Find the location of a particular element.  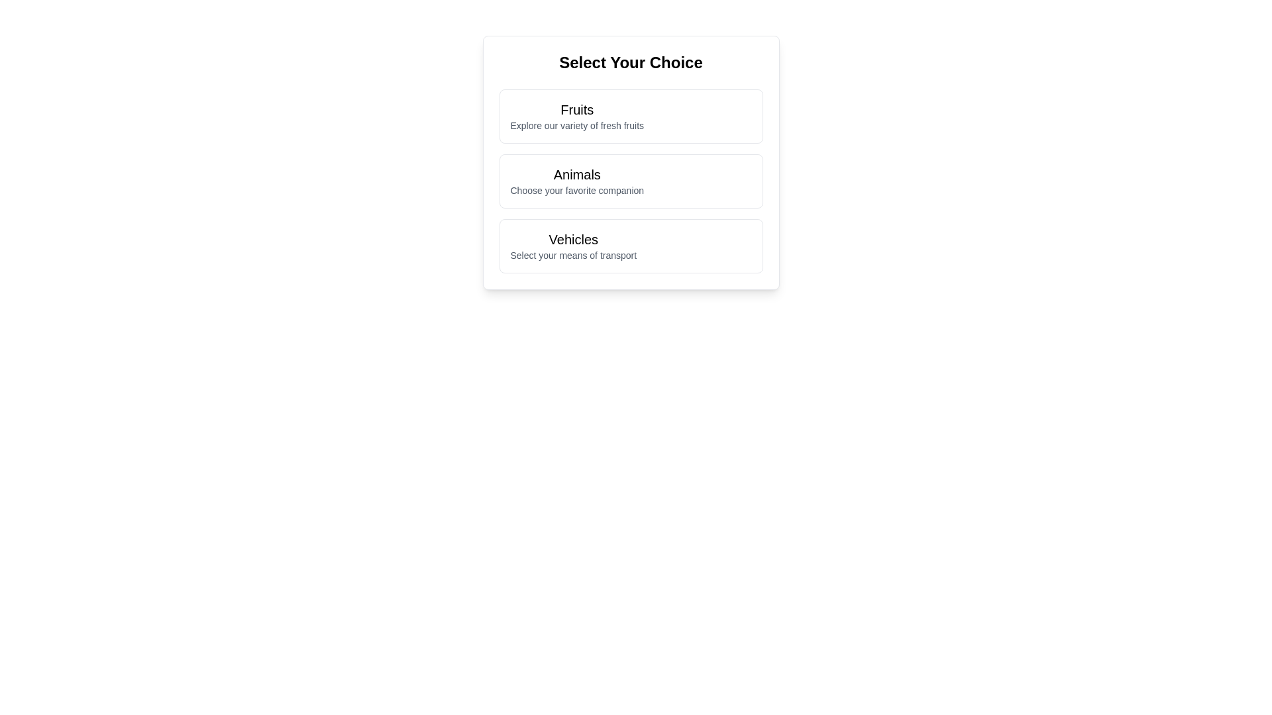

'Animals' label displayed in a medium-weight font, centrally positioned within the second card in a vertical list of options, above the 'Vehicles' card and below the 'Fruits' card is located at coordinates (577, 173).